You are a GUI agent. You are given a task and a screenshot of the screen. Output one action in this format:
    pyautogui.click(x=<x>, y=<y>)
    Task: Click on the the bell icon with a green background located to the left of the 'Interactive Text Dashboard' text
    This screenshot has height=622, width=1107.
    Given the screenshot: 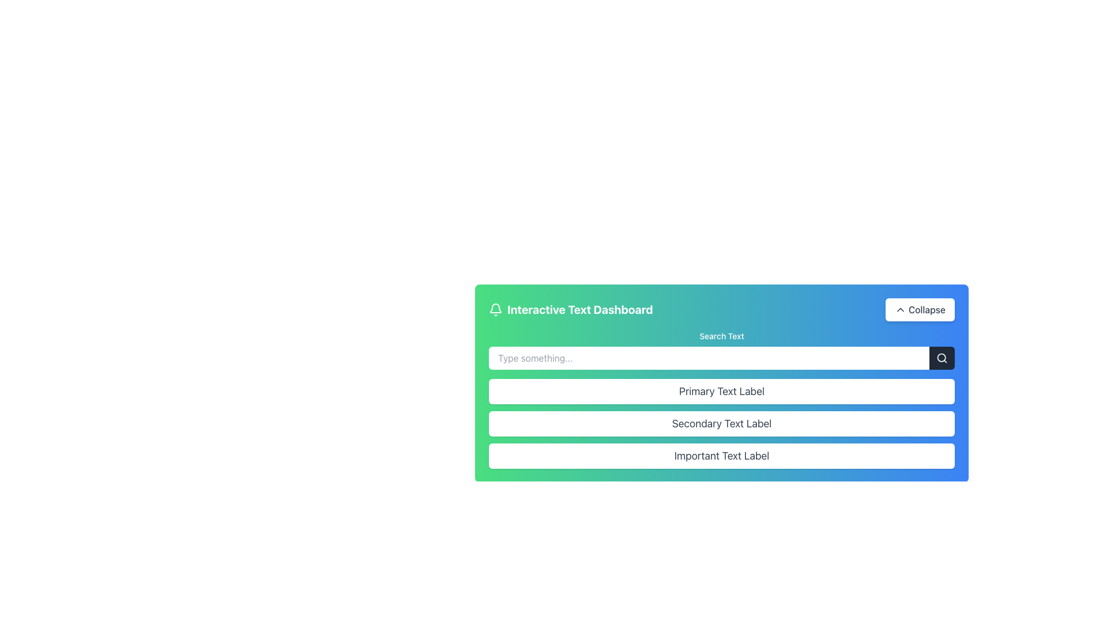 What is the action you would take?
    pyautogui.click(x=495, y=309)
    